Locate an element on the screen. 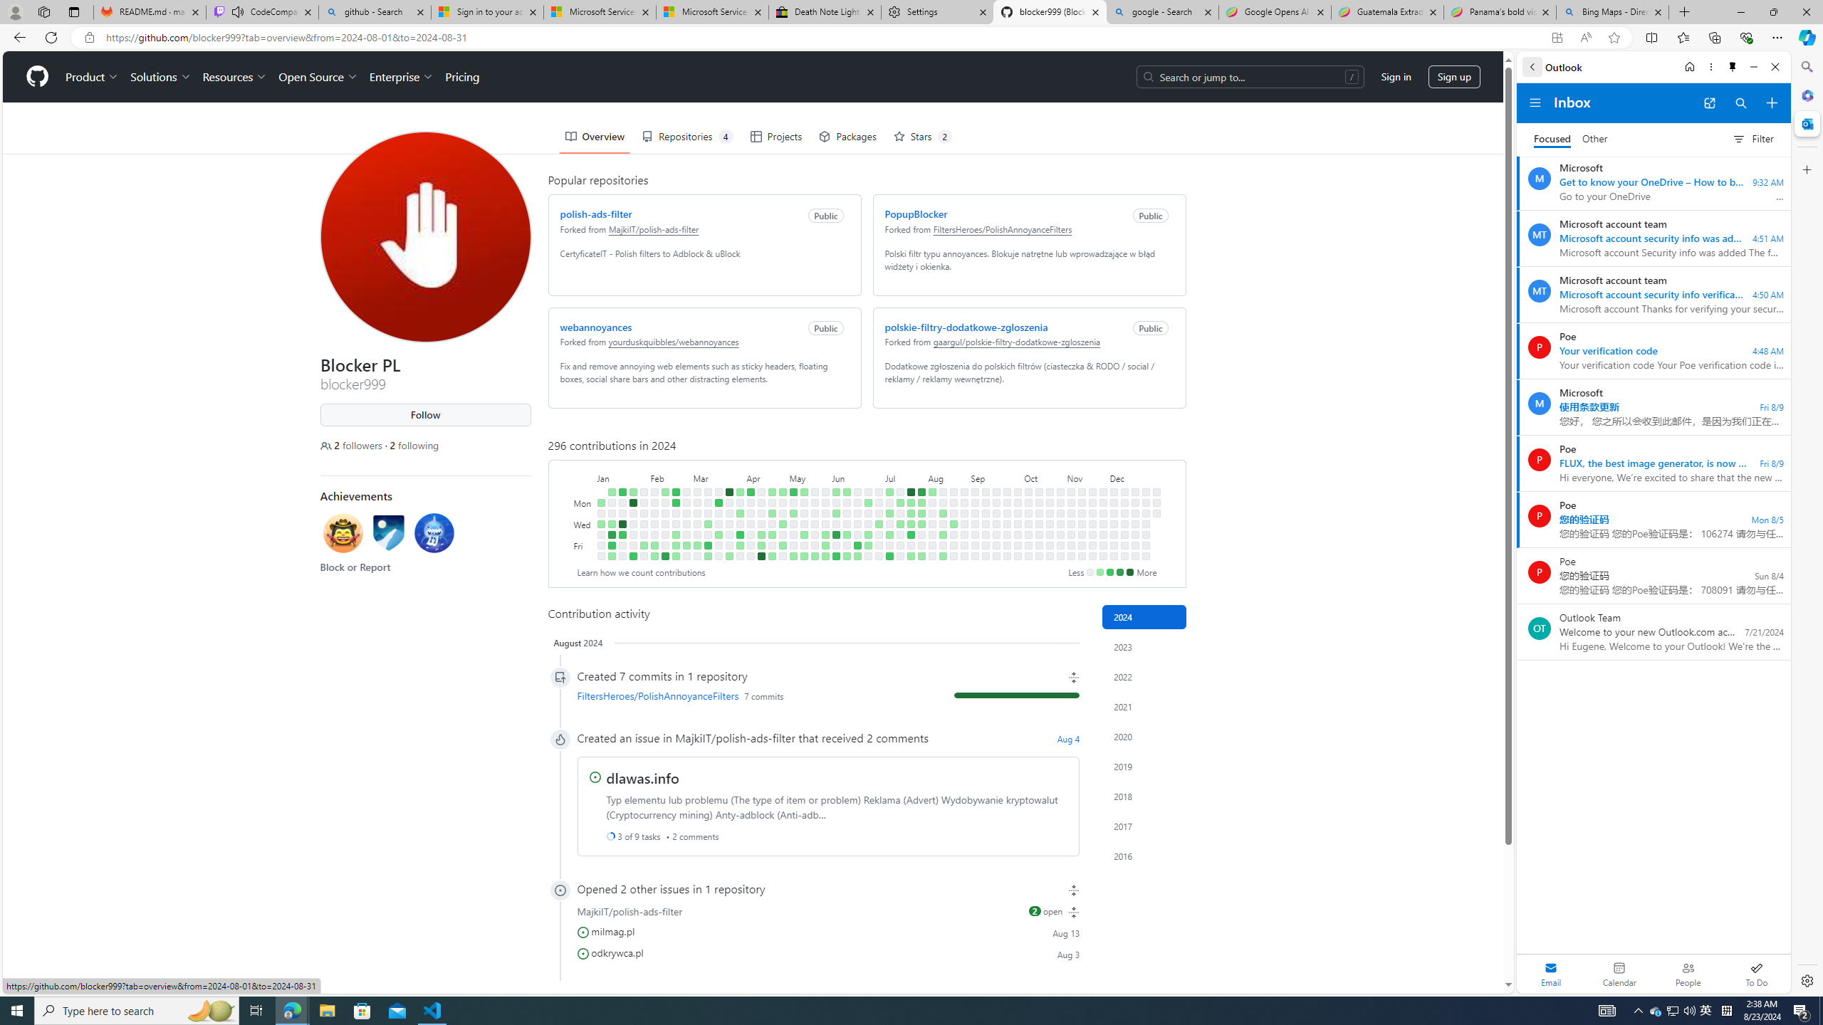 The width and height of the screenshot is (1823, 1025). 'Achievement: Quickdraw' is located at coordinates (343, 534).